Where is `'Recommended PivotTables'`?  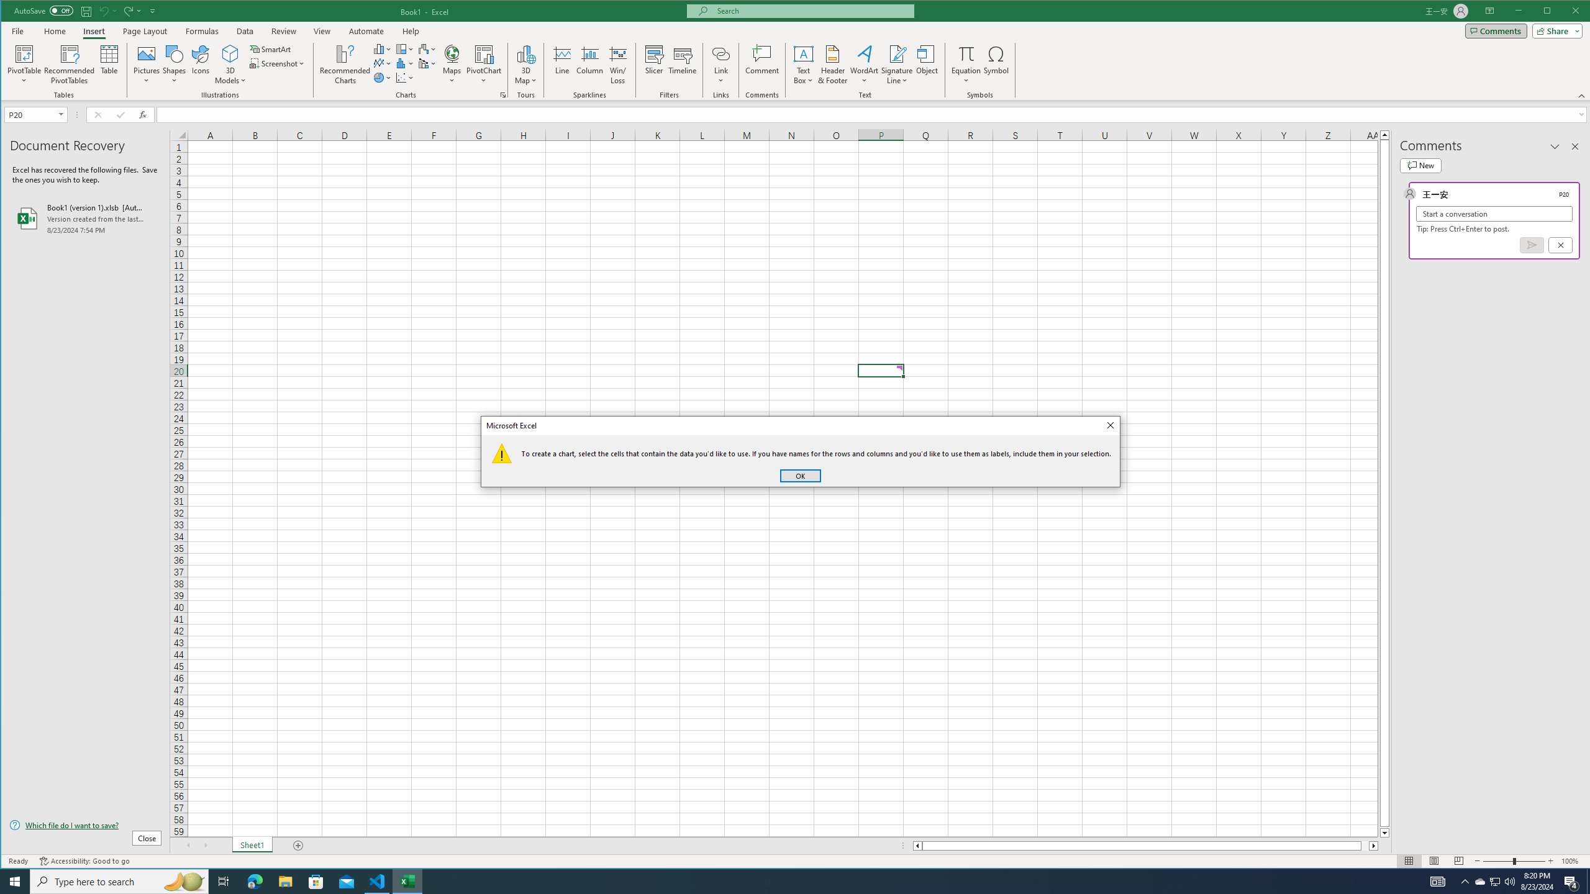
'Recommended PivotTables' is located at coordinates (69, 64).